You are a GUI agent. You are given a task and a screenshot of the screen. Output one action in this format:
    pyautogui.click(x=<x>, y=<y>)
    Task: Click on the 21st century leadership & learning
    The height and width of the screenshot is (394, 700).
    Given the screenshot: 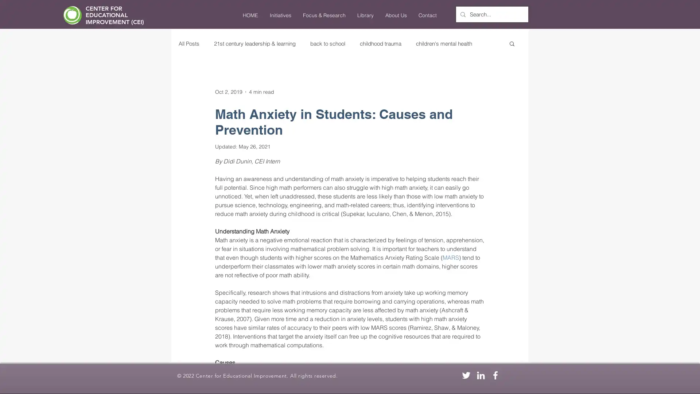 What is the action you would take?
    pyautogui.click(x=255, y=43)
    